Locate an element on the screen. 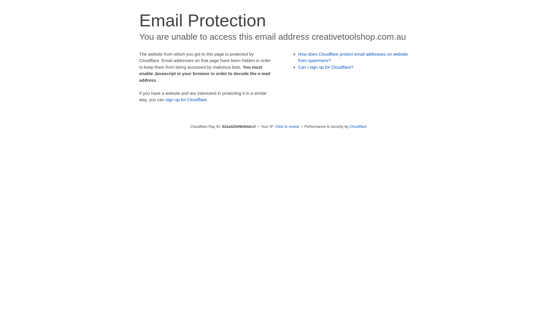 The image size is (557, 313). 'Click to reveal' is located at coordinates (275, 126).